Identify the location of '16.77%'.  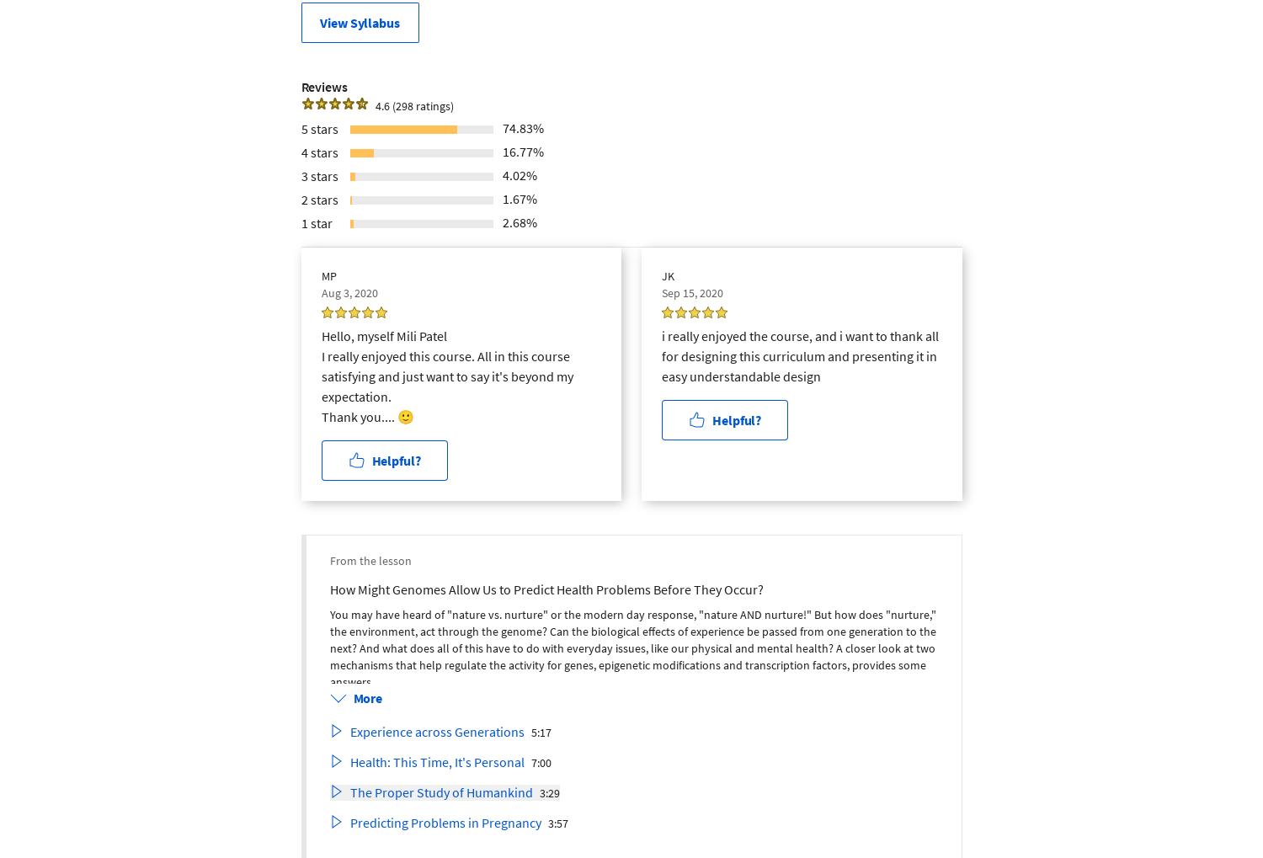
(521, 151).